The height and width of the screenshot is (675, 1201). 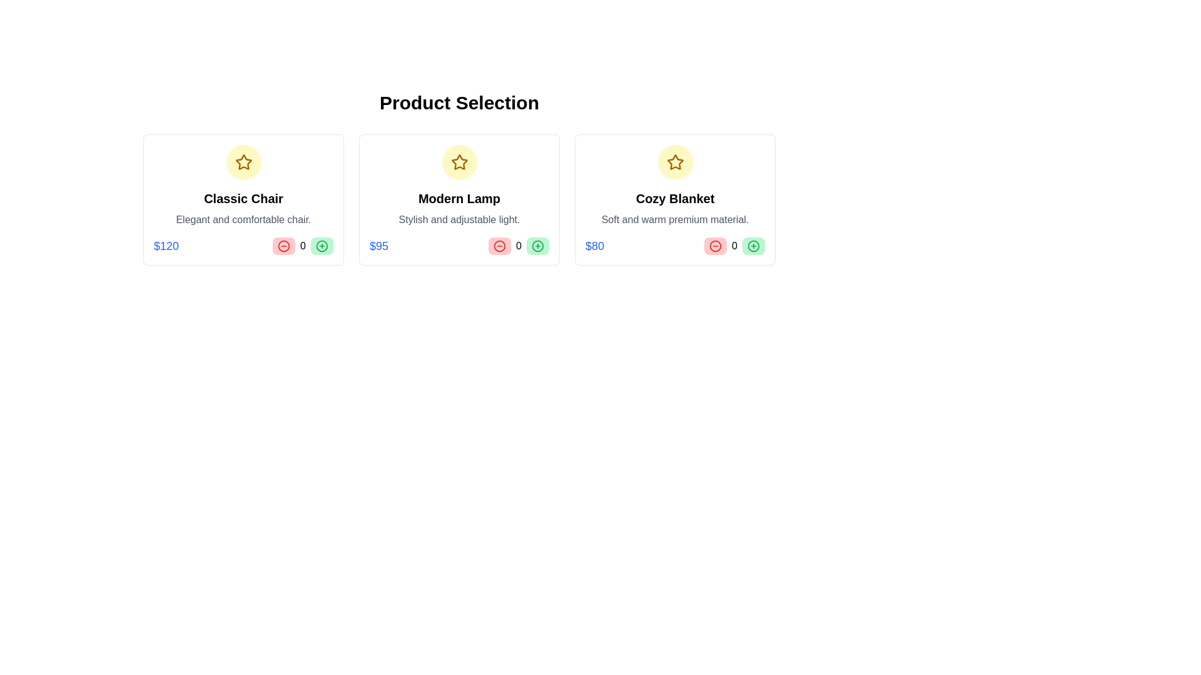 I want to click on the decorative icon symbolizing the favorite status for the 'Modern Lamp' product, so click(x=459, y=161).